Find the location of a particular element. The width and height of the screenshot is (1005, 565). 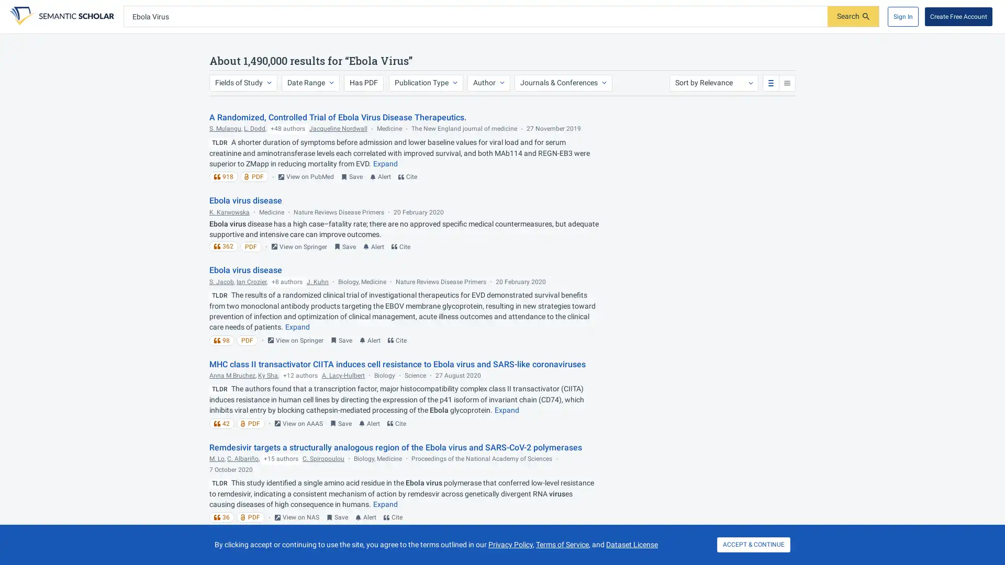

Cite this paper is located at coordinates (396, 340).